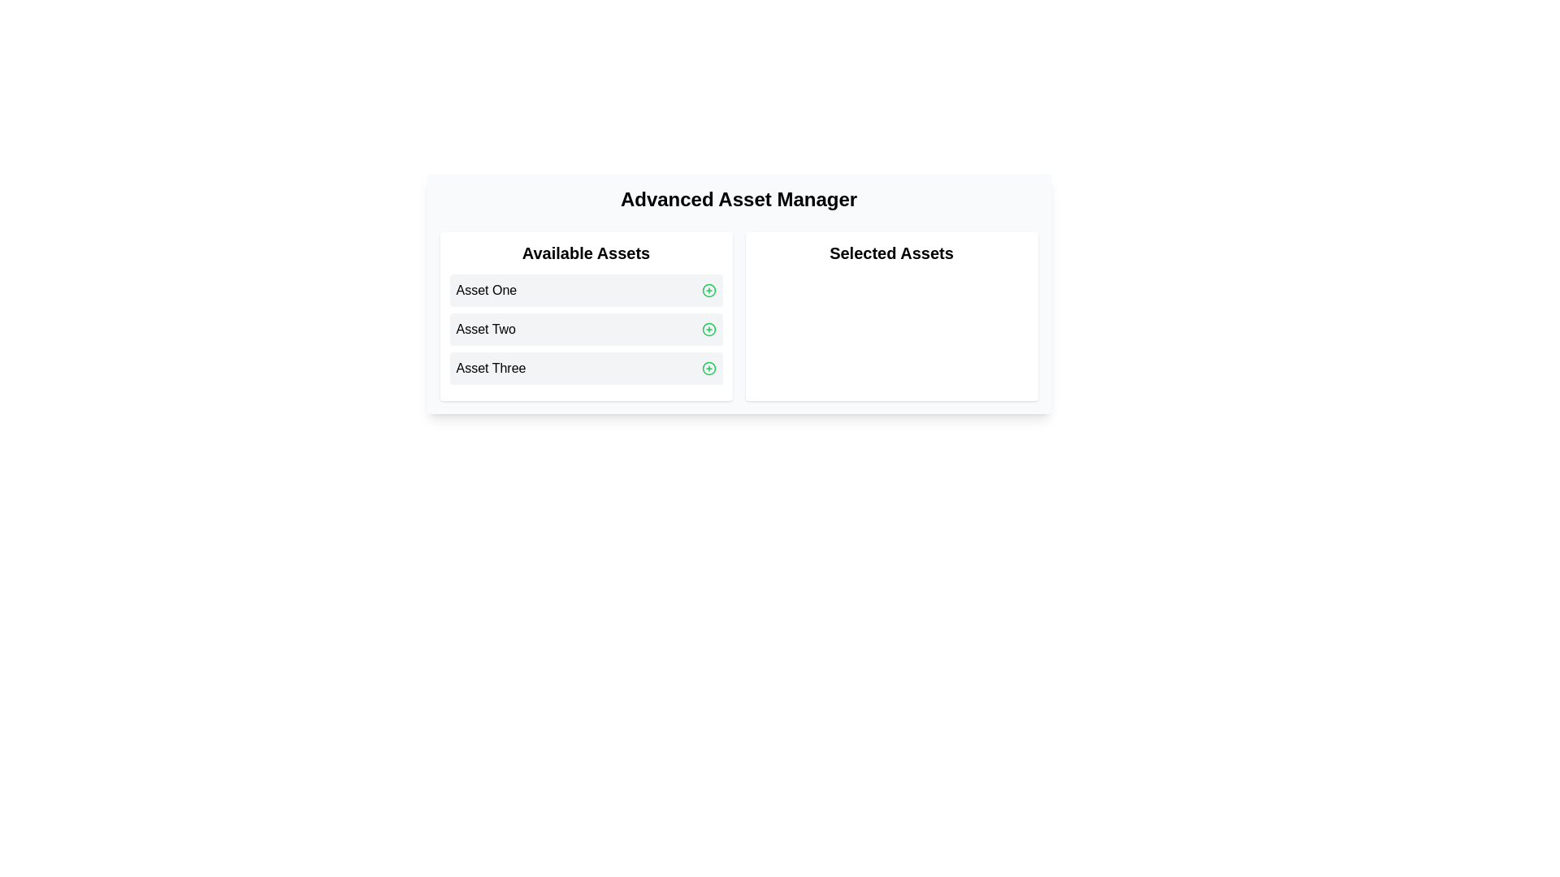 The image size is (1560, 877). What do you see at coordinates (708, 329) in the screenshot?
I see `the icon button to add 'Asset Two'` at bounding box center [708, 329].